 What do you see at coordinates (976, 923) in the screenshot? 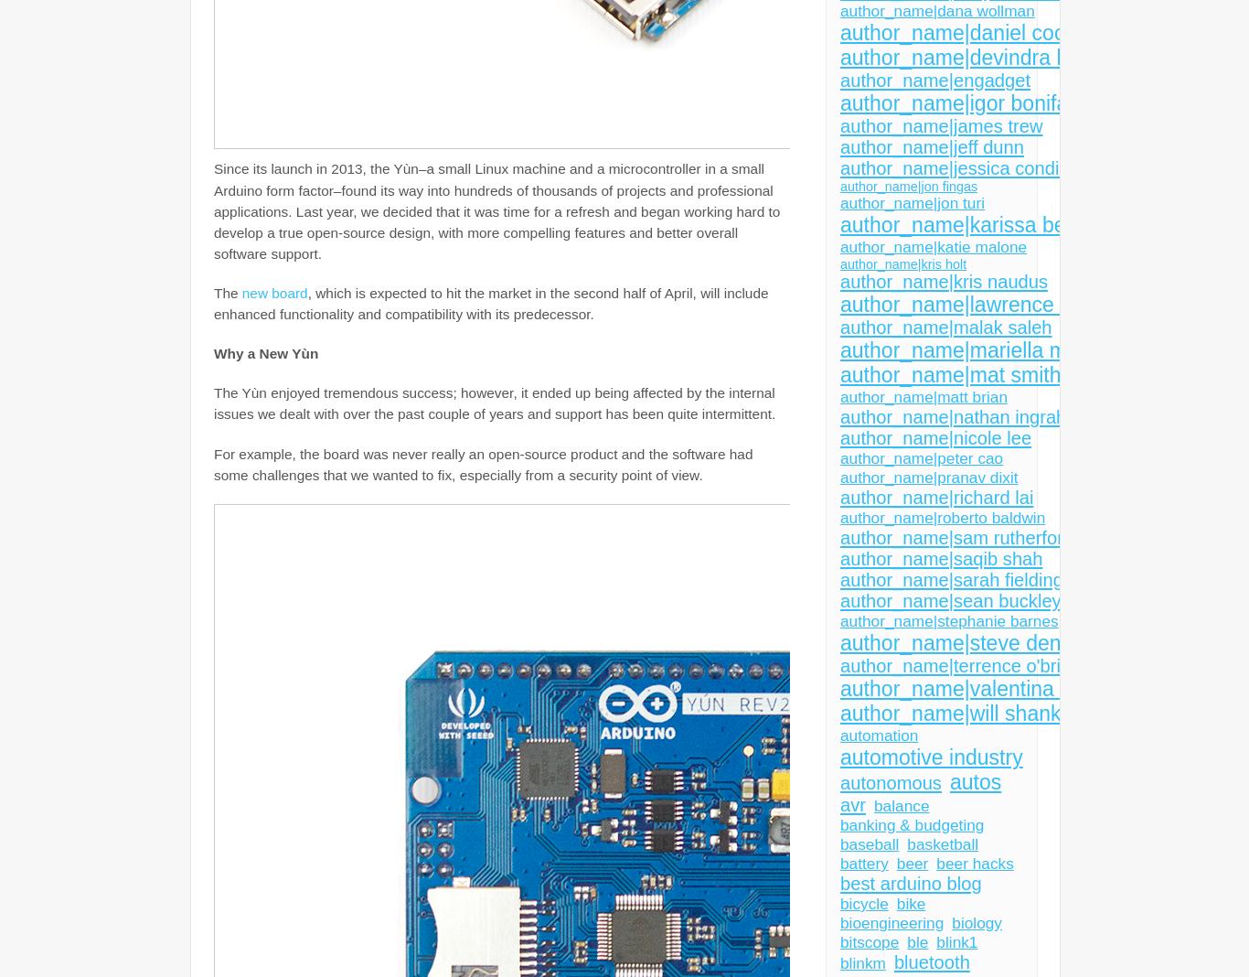
I see `'biology'` at bounding box center [976, 923].